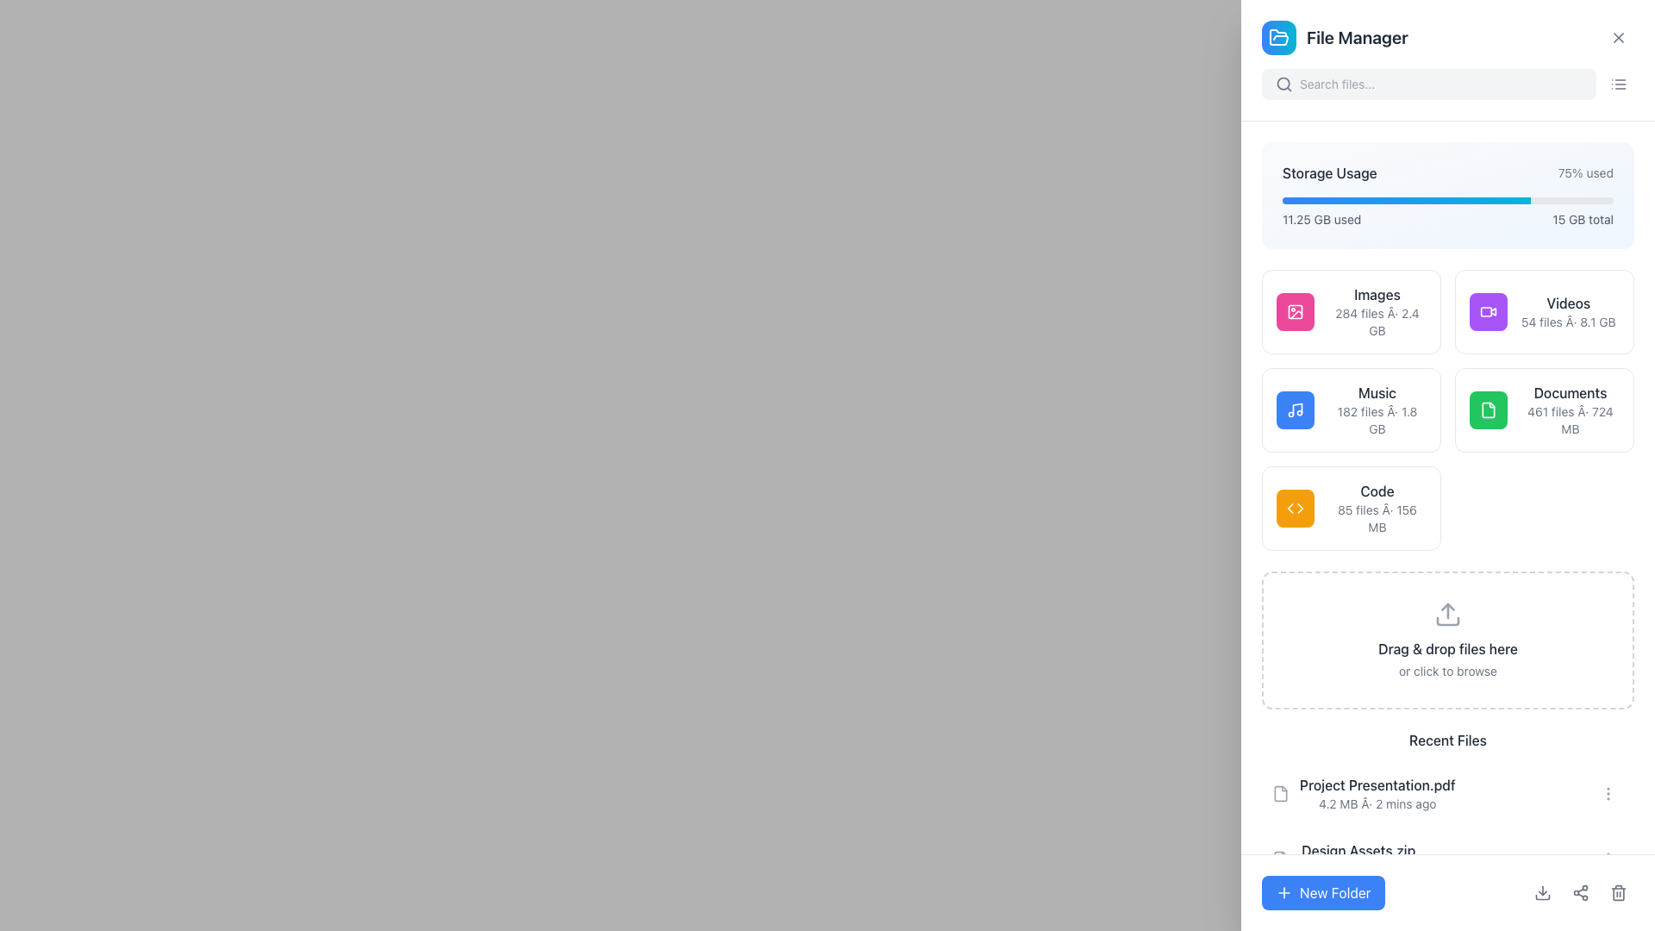 The height and width of the screenshot is (931, 1655). Describe the element at coordinates (1377, 421) in the screenshot. I see `the text label that displays details about the 'Music' category, which shows the number of files and total size, located below the 'Music' title and centrally aligned within the 'Music' card` at that location.